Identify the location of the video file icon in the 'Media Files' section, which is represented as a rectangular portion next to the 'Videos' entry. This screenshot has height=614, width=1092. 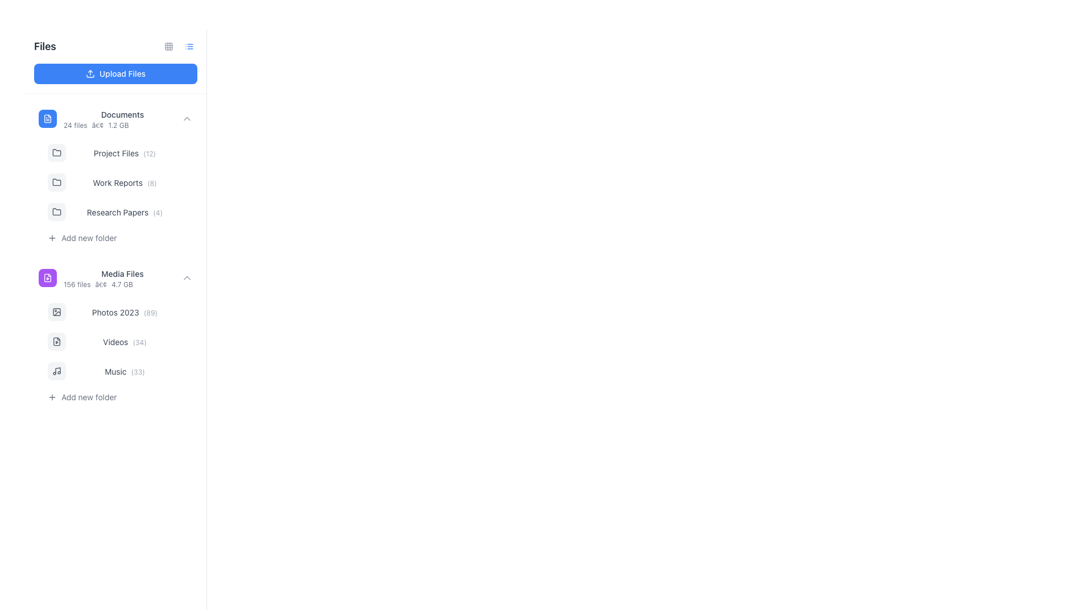
(56, 341).